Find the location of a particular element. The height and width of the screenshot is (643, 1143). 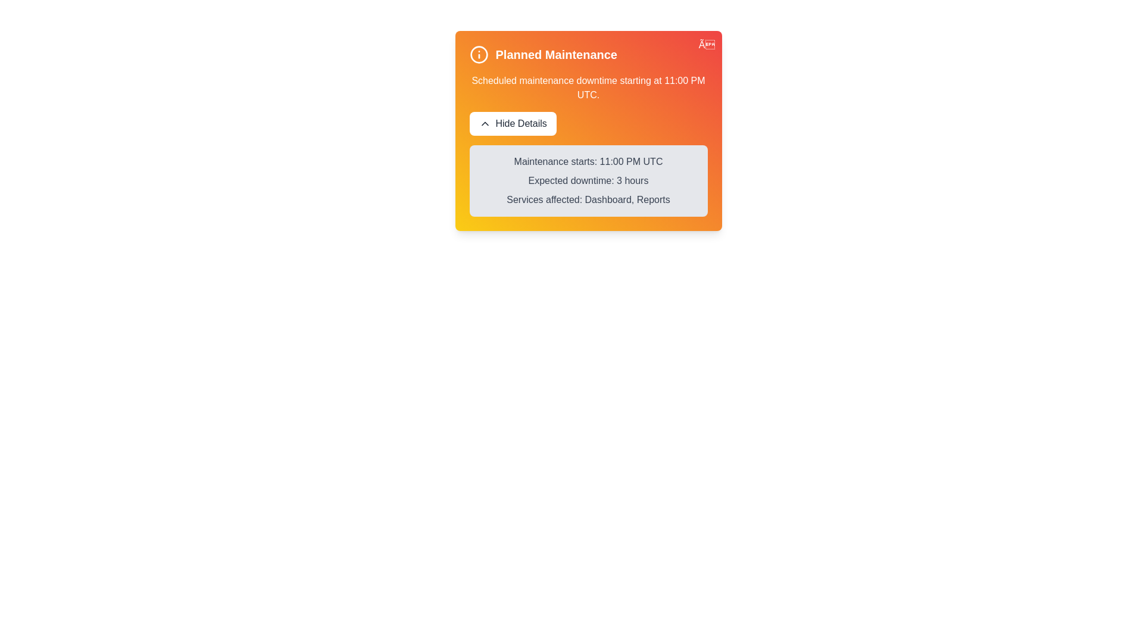

the 'Hide Details' button to toggle the visibility of additional details is located at coordinates (512, 124).